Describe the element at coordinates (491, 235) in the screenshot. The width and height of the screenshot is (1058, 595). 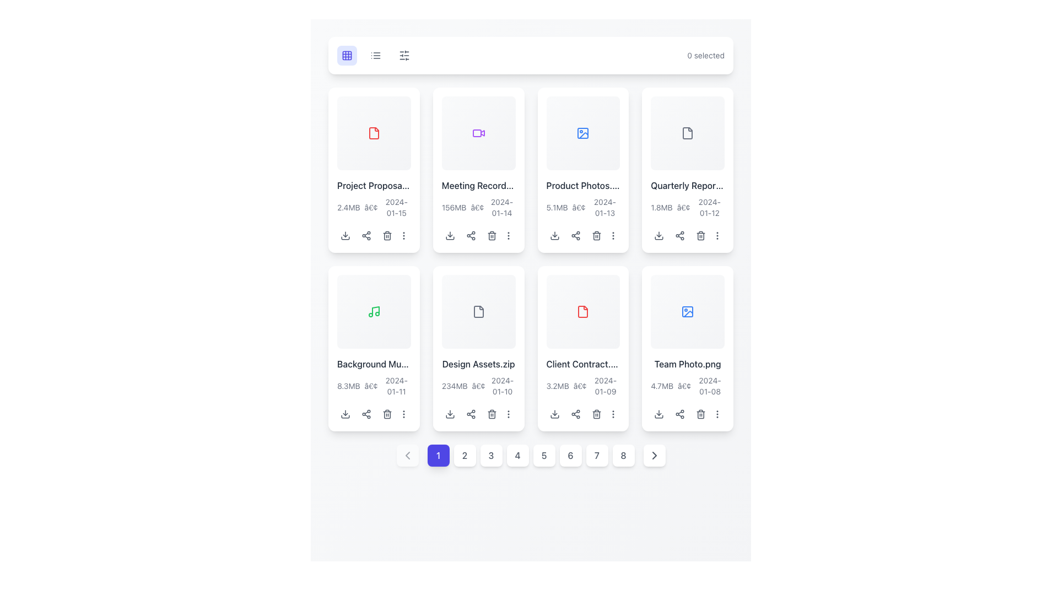
I see `the delete button associated with the 'Meeting Recording' file` at that location.